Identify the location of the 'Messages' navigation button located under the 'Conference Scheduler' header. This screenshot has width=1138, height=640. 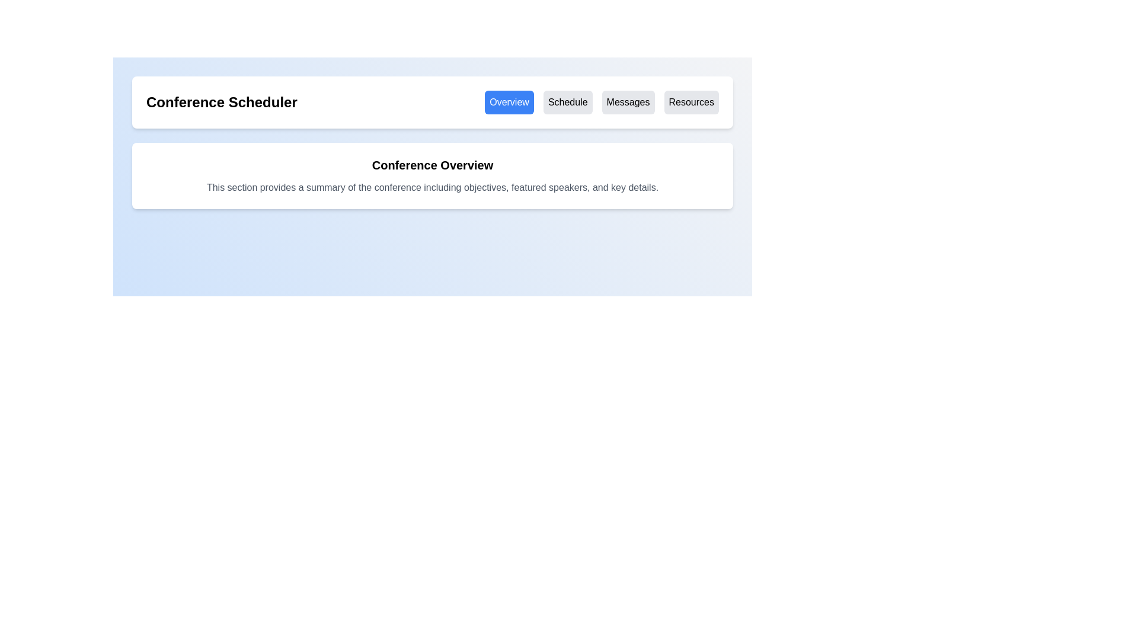
(602, 102).